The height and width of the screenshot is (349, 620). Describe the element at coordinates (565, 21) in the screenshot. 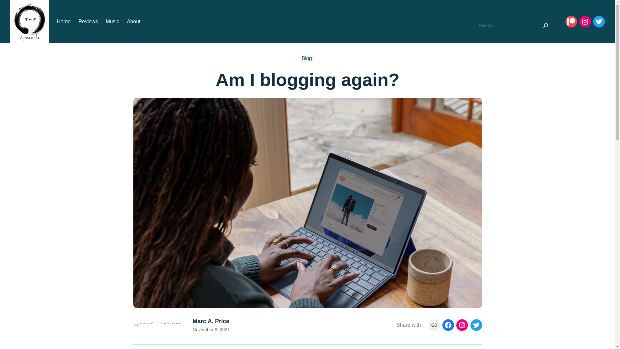

I see `'Patreon'` at that location.